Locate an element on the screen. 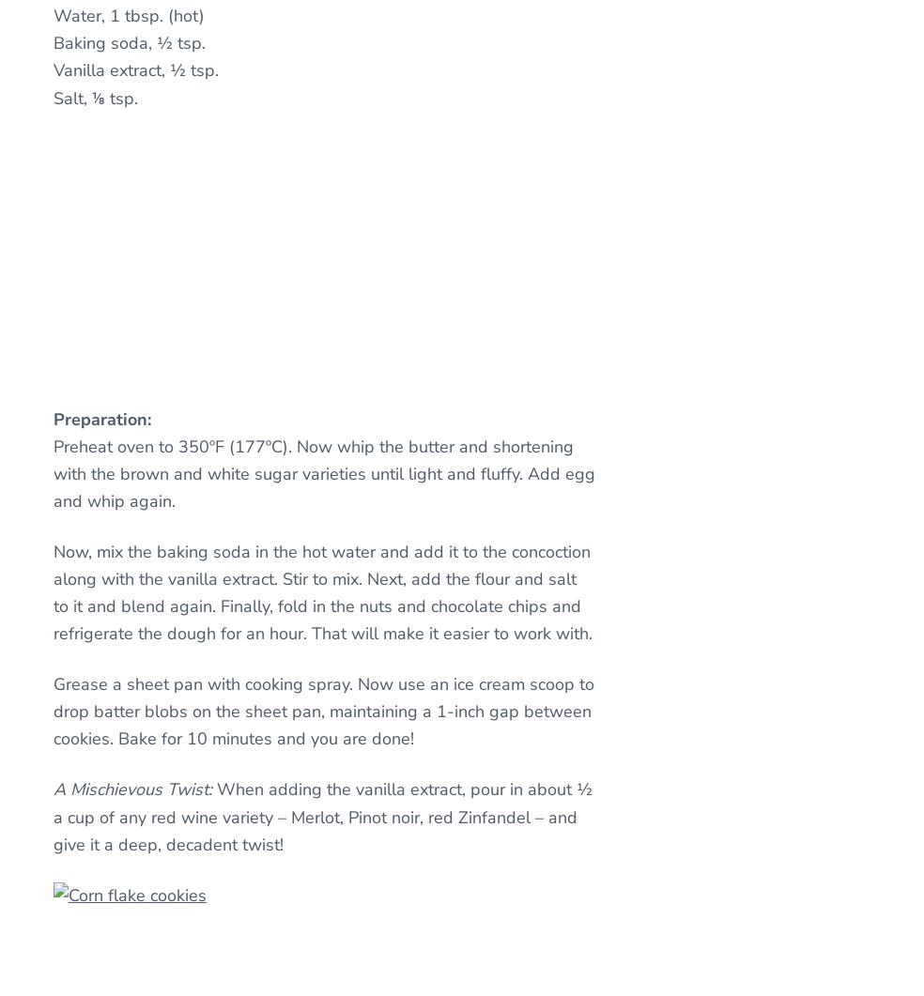  'Vanilla extract, ½ tsp.' is located at coordinates (136, 70).